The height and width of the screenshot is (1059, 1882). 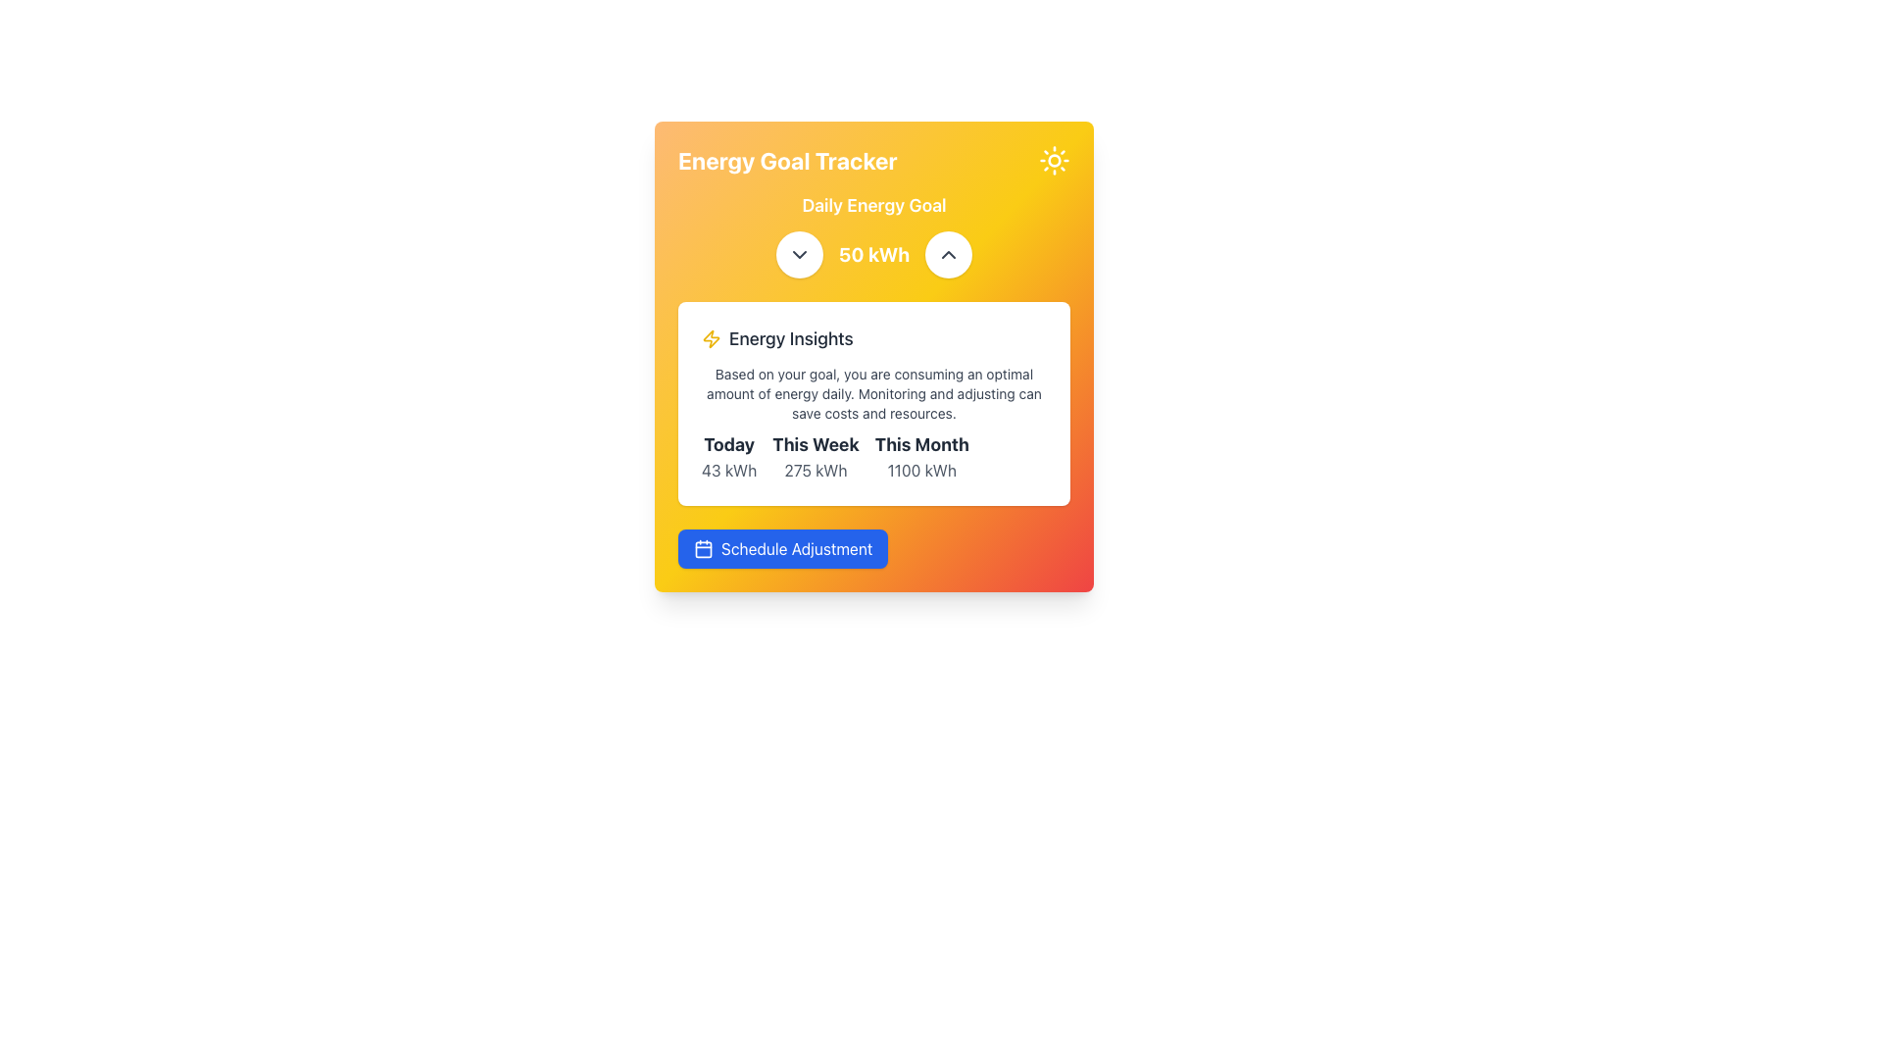 What do you see at coordinates (873, 403) in the screenshot?
I see `information displayed on the Information Card located in the center of the 'Energy Goal Tracker' panel, which provides insights into energy consumption over different time periods` at bounding box center [873, 403].